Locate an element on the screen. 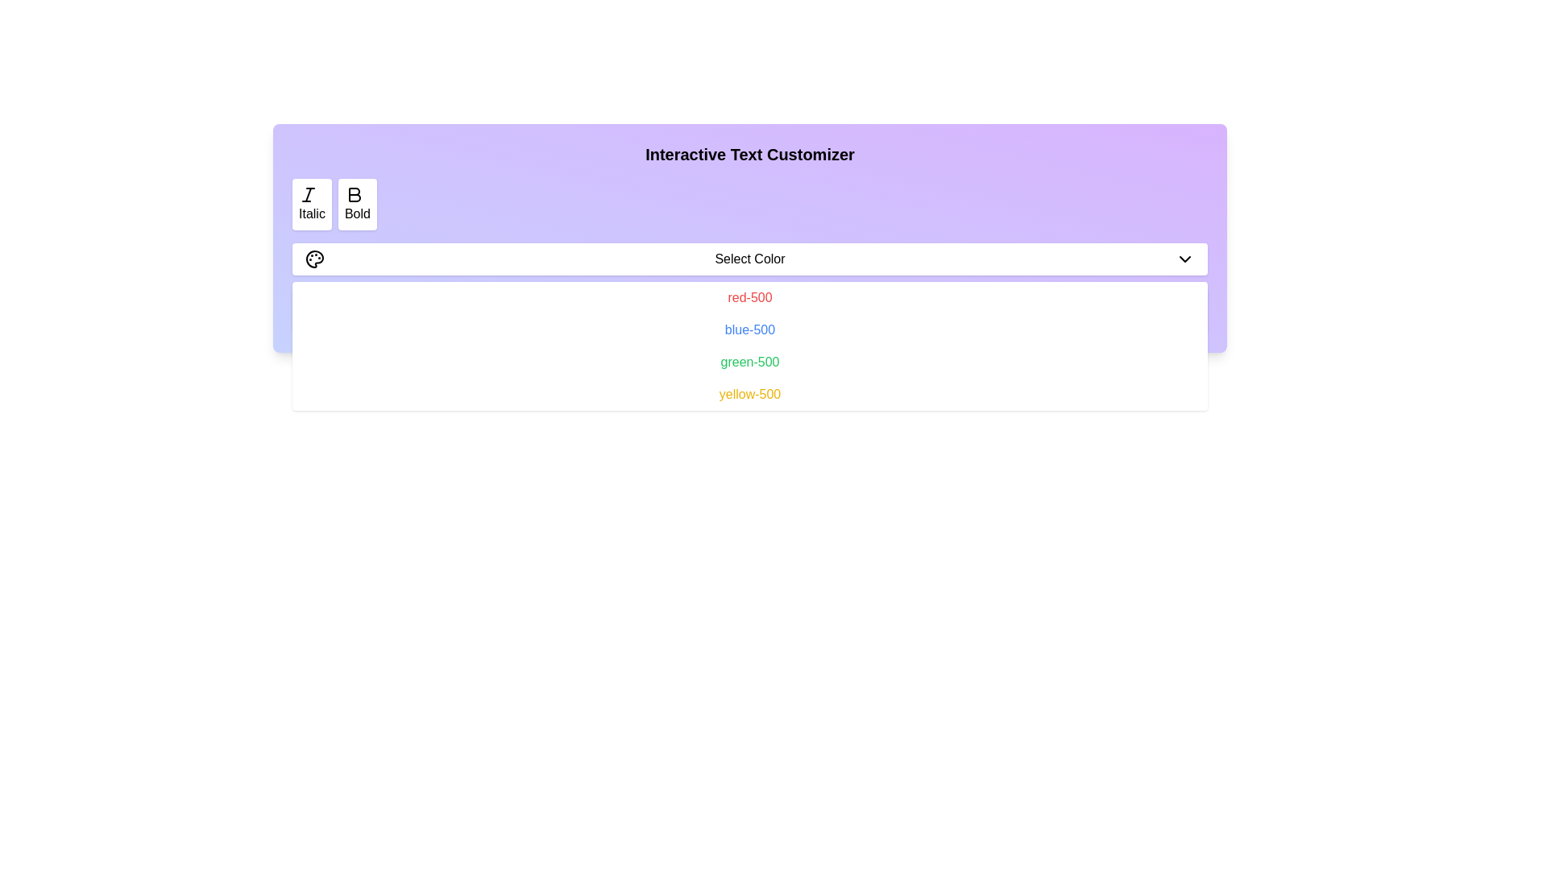 This screenshot has height=870, width=1547. the Italic Icon located next to the Bold button on the top-left side of the interface is located at coordinates (309, 194).